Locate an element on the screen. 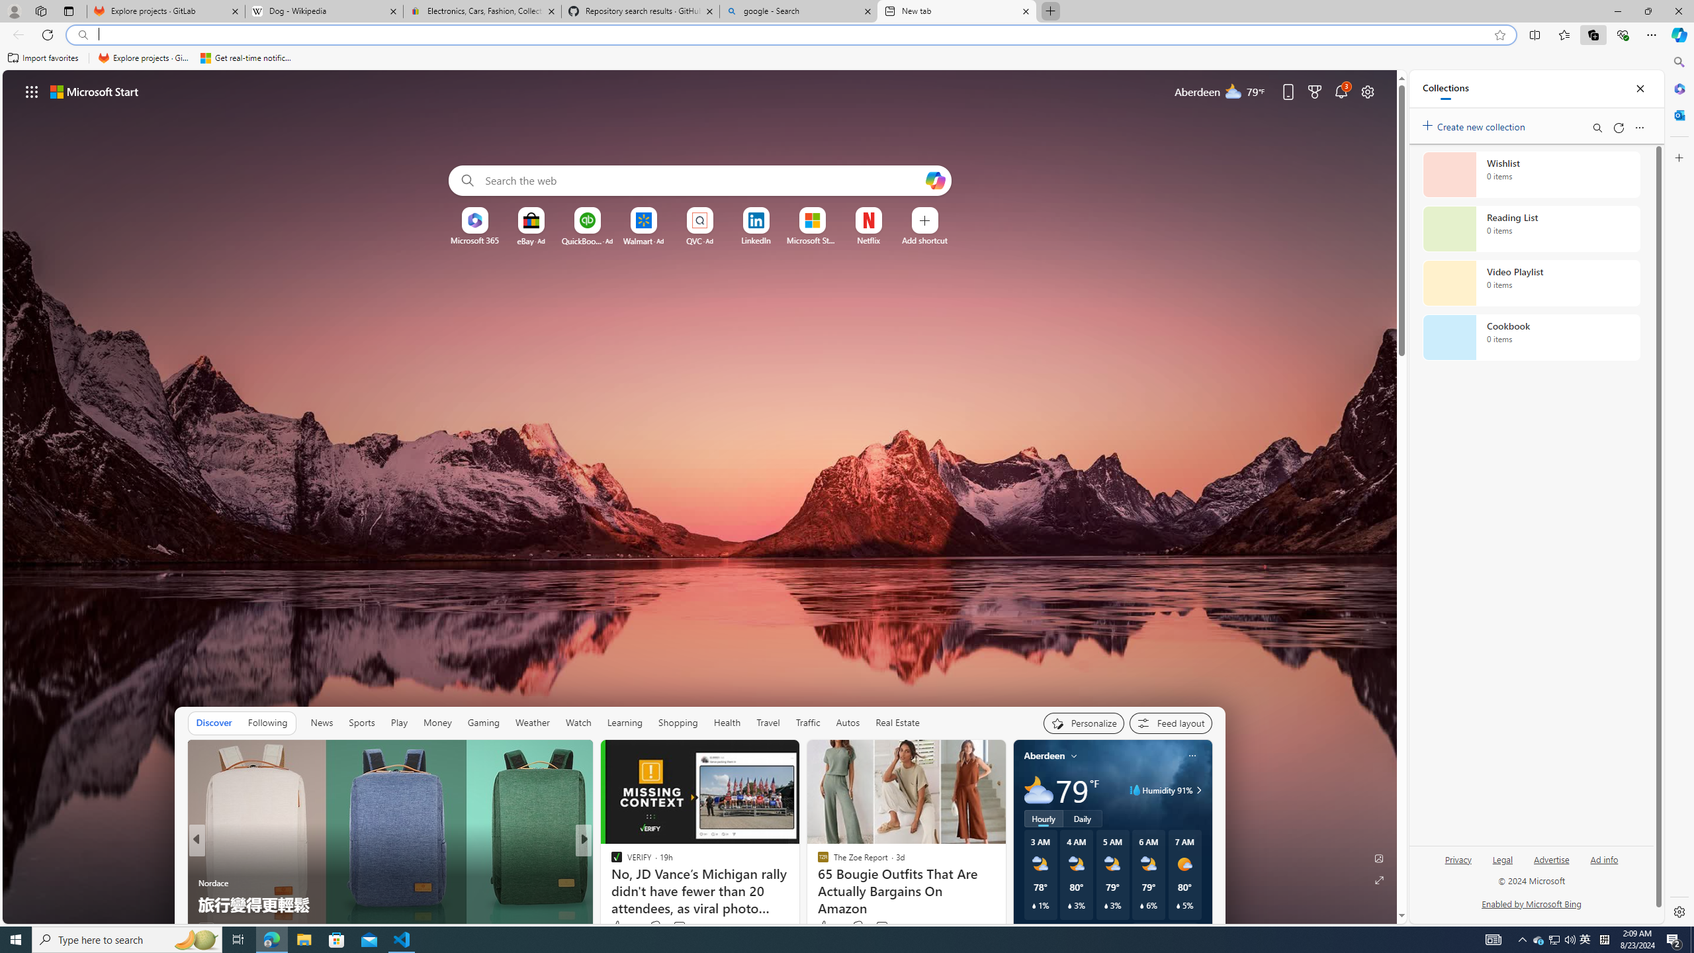 The height and width of the screenshot is (953, 1694). 'Class: weather-current-precipitation-glyph' is located at coordinates (1178, 905).